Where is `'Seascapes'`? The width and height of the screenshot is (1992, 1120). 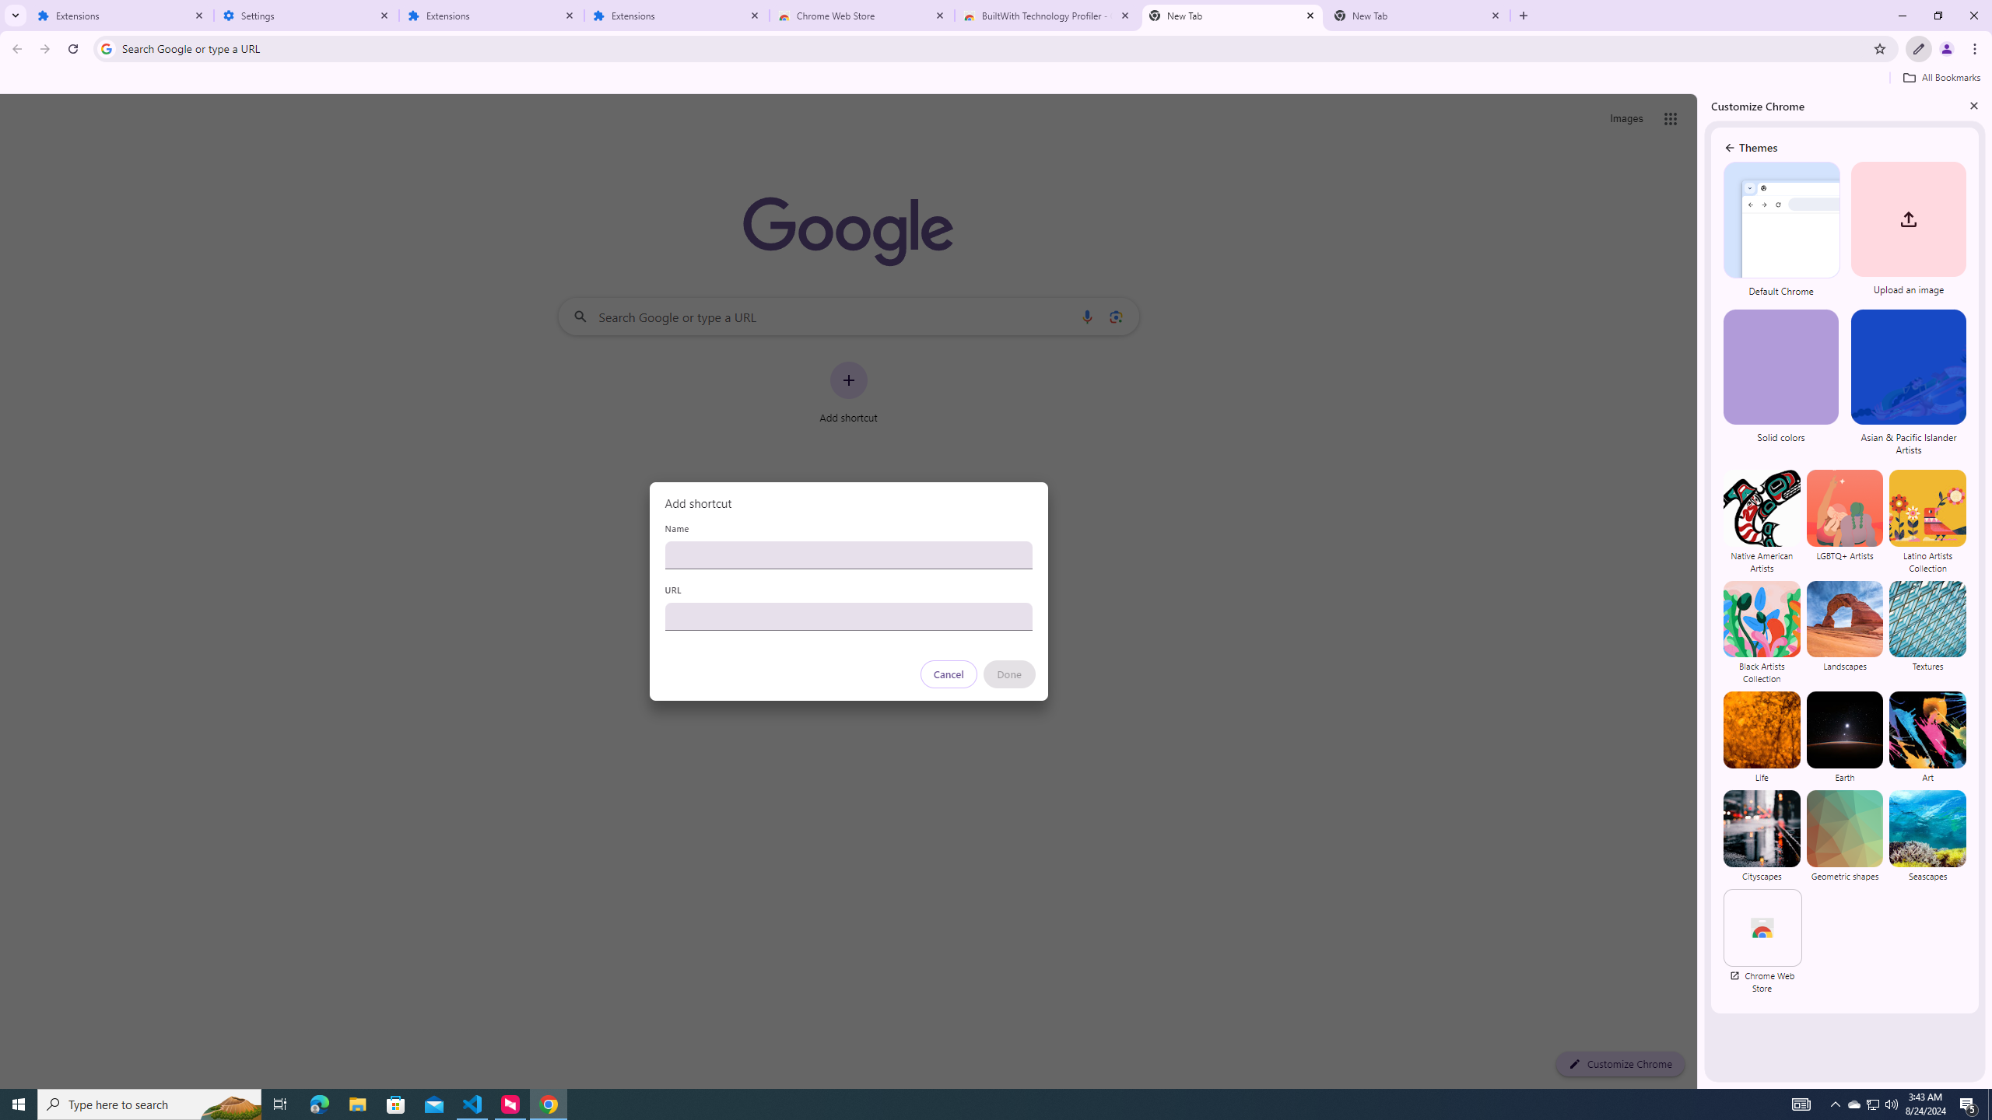
'Seascapes' is located at coordinates (1926, 835).